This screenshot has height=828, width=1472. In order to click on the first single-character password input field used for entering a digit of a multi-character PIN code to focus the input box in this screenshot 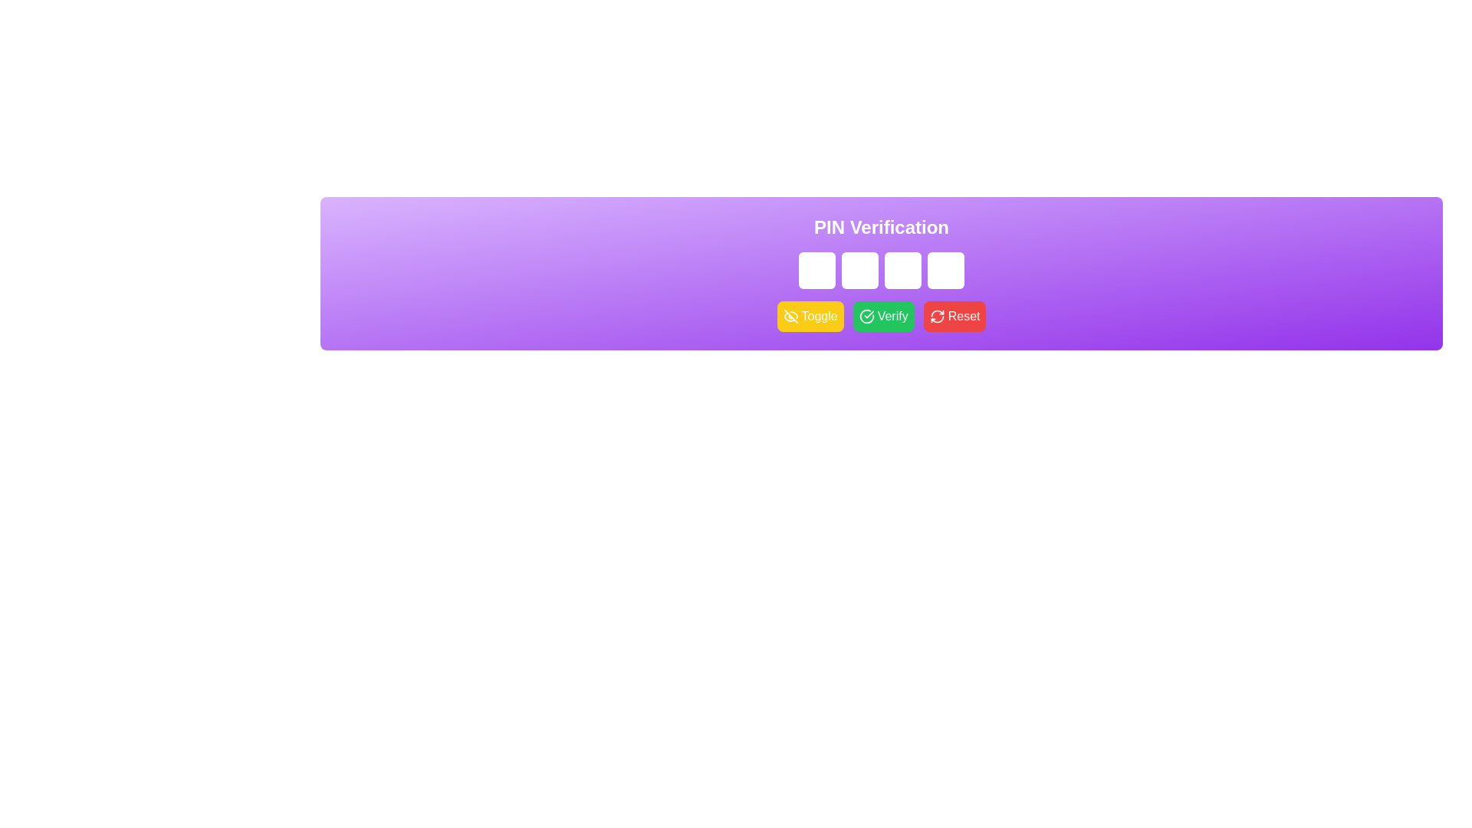, I will do `click(816, 270)`.